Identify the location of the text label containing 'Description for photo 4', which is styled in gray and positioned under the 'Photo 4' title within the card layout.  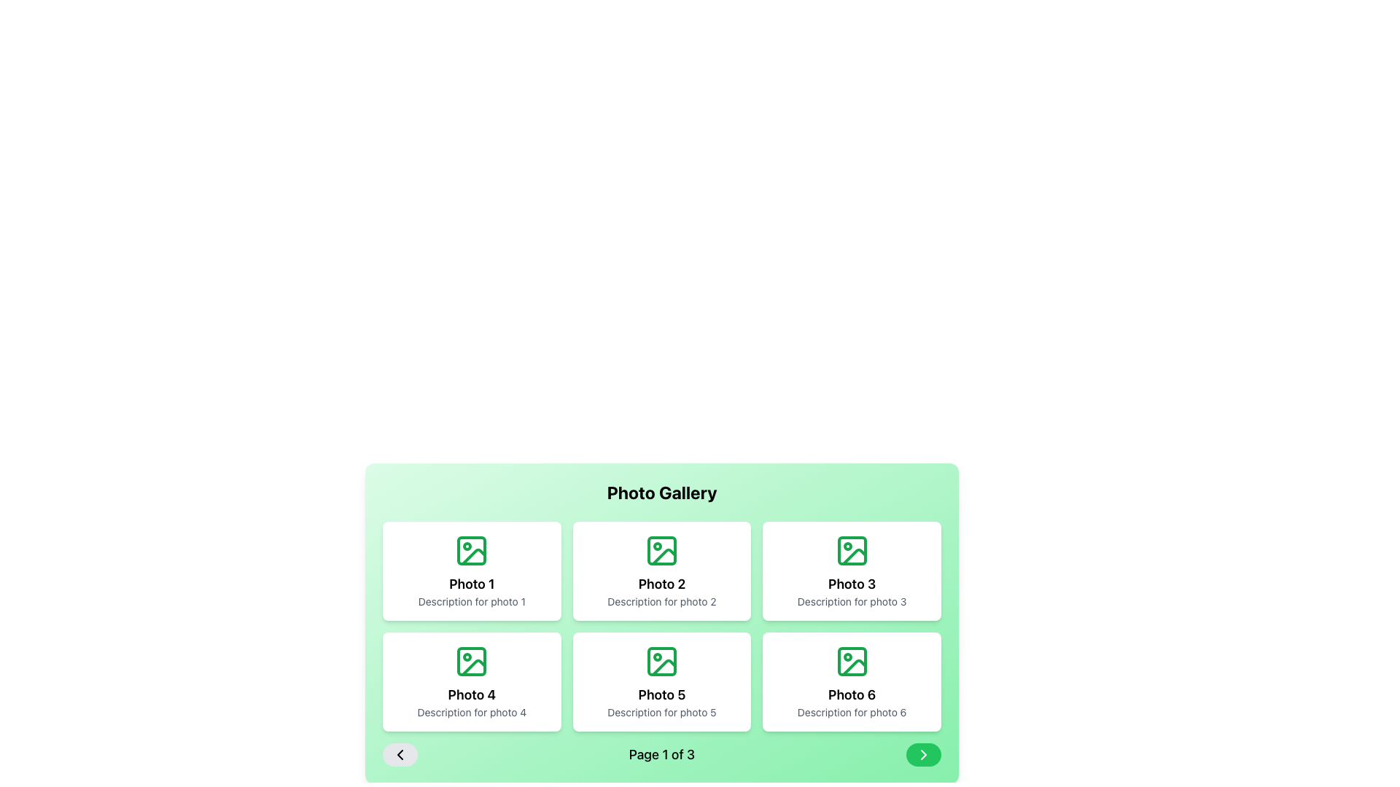
(472, 712).